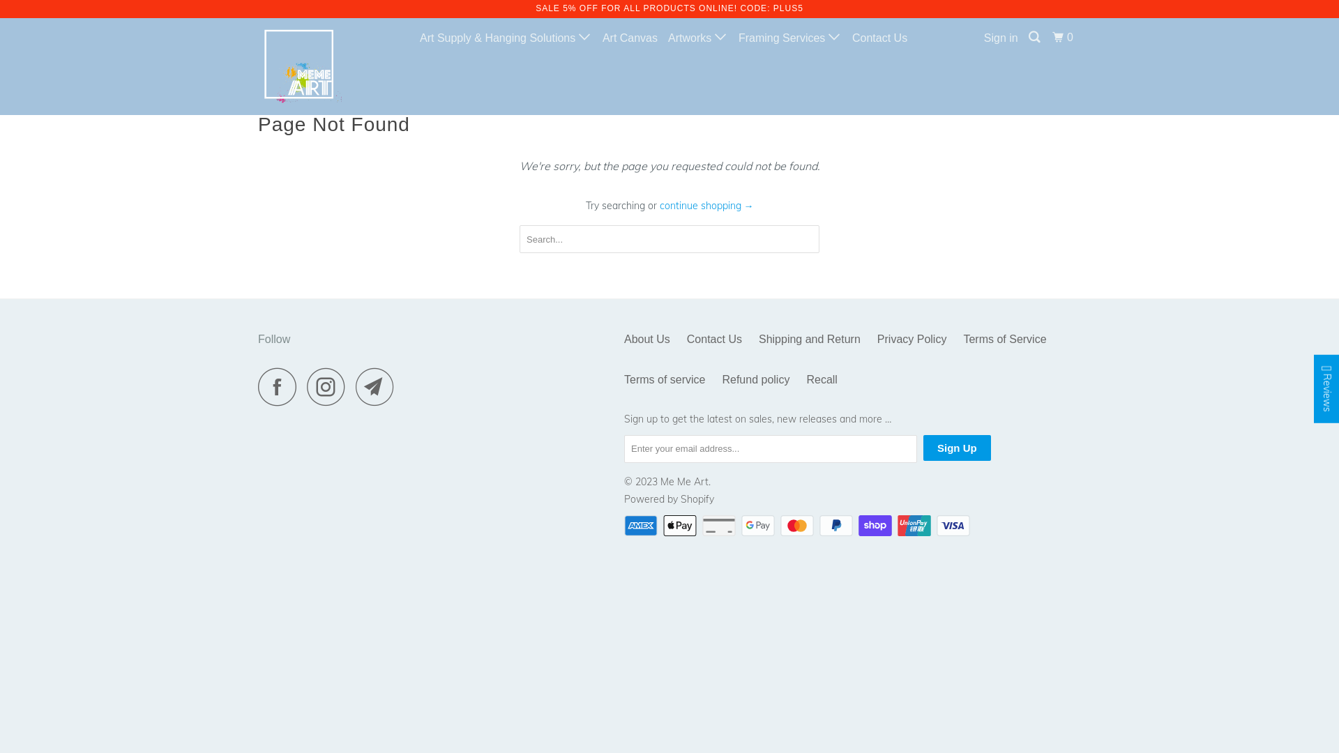  I want to click on 'Sign Up', so click(956, 448).